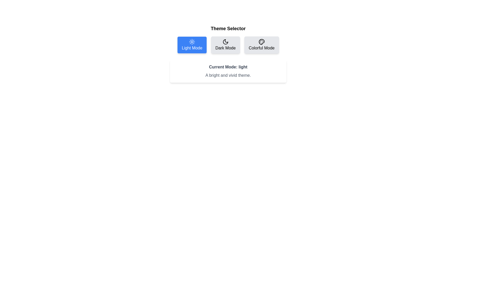  I want to click on the first button under the 'Theme Selector' to switch to Light Mode, so click(192, 45).